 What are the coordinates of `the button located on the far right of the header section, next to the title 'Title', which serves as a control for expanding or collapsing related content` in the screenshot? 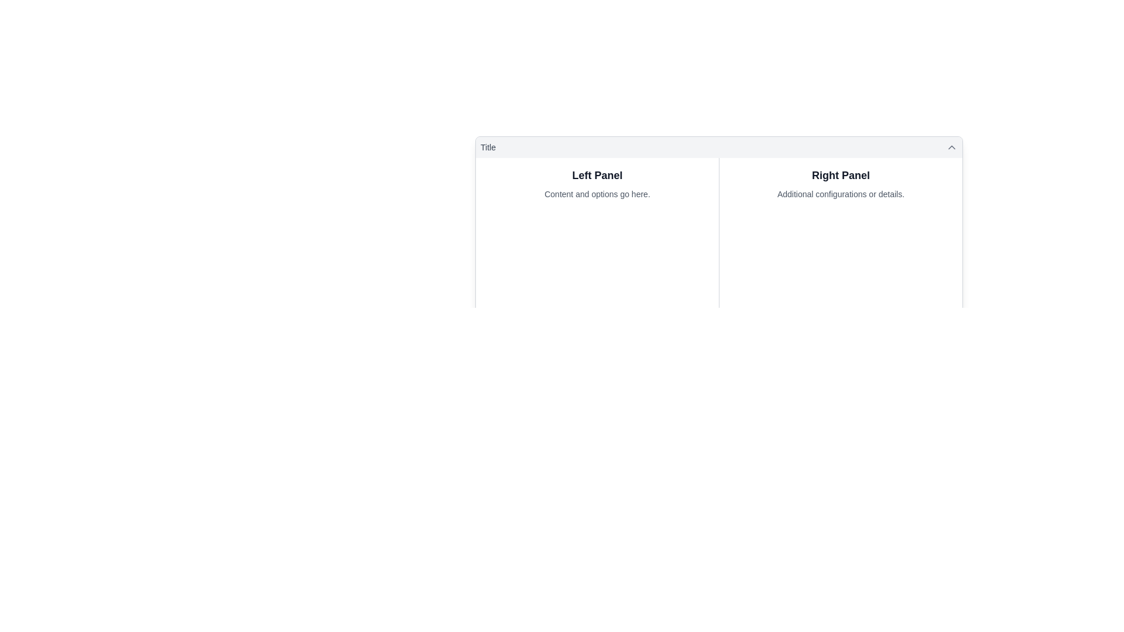 It's located at (952, 146).